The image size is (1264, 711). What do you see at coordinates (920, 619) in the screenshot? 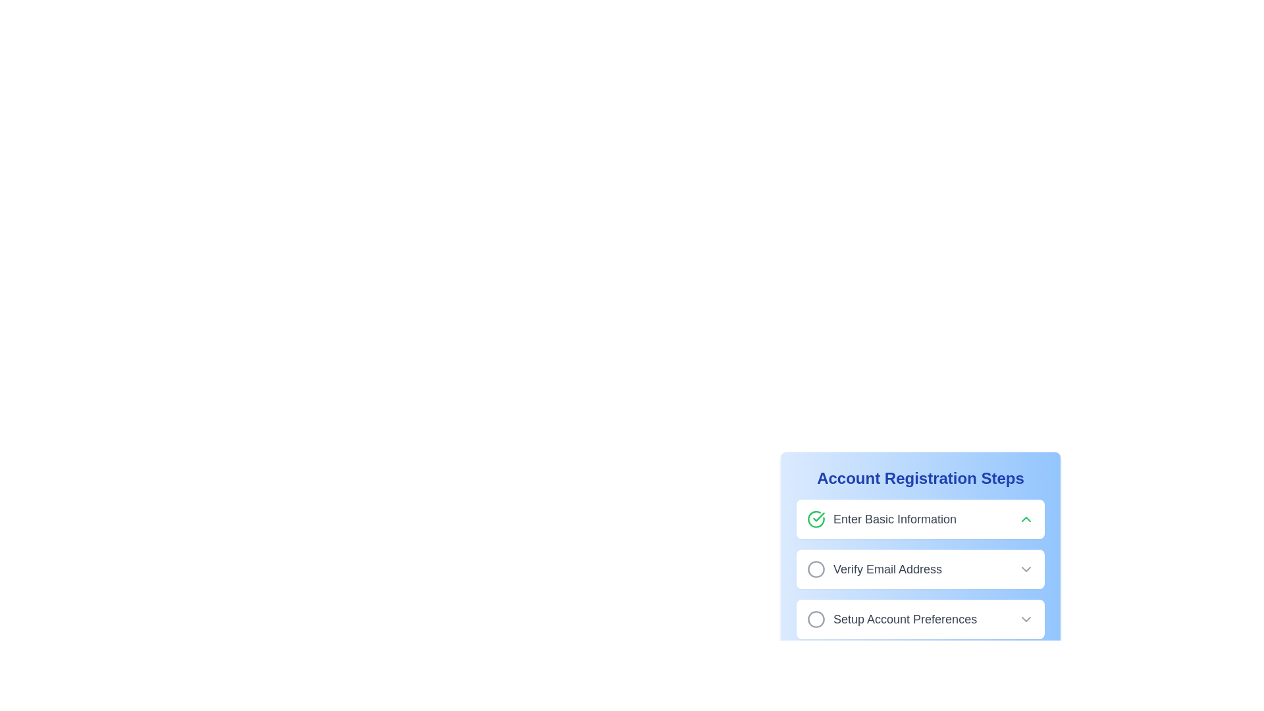
I see `the third item in the collapsible list, which contains the text 'Setup Account Preferences' and is styled with a white background and rounded corners` at bounding box center [920, 619].